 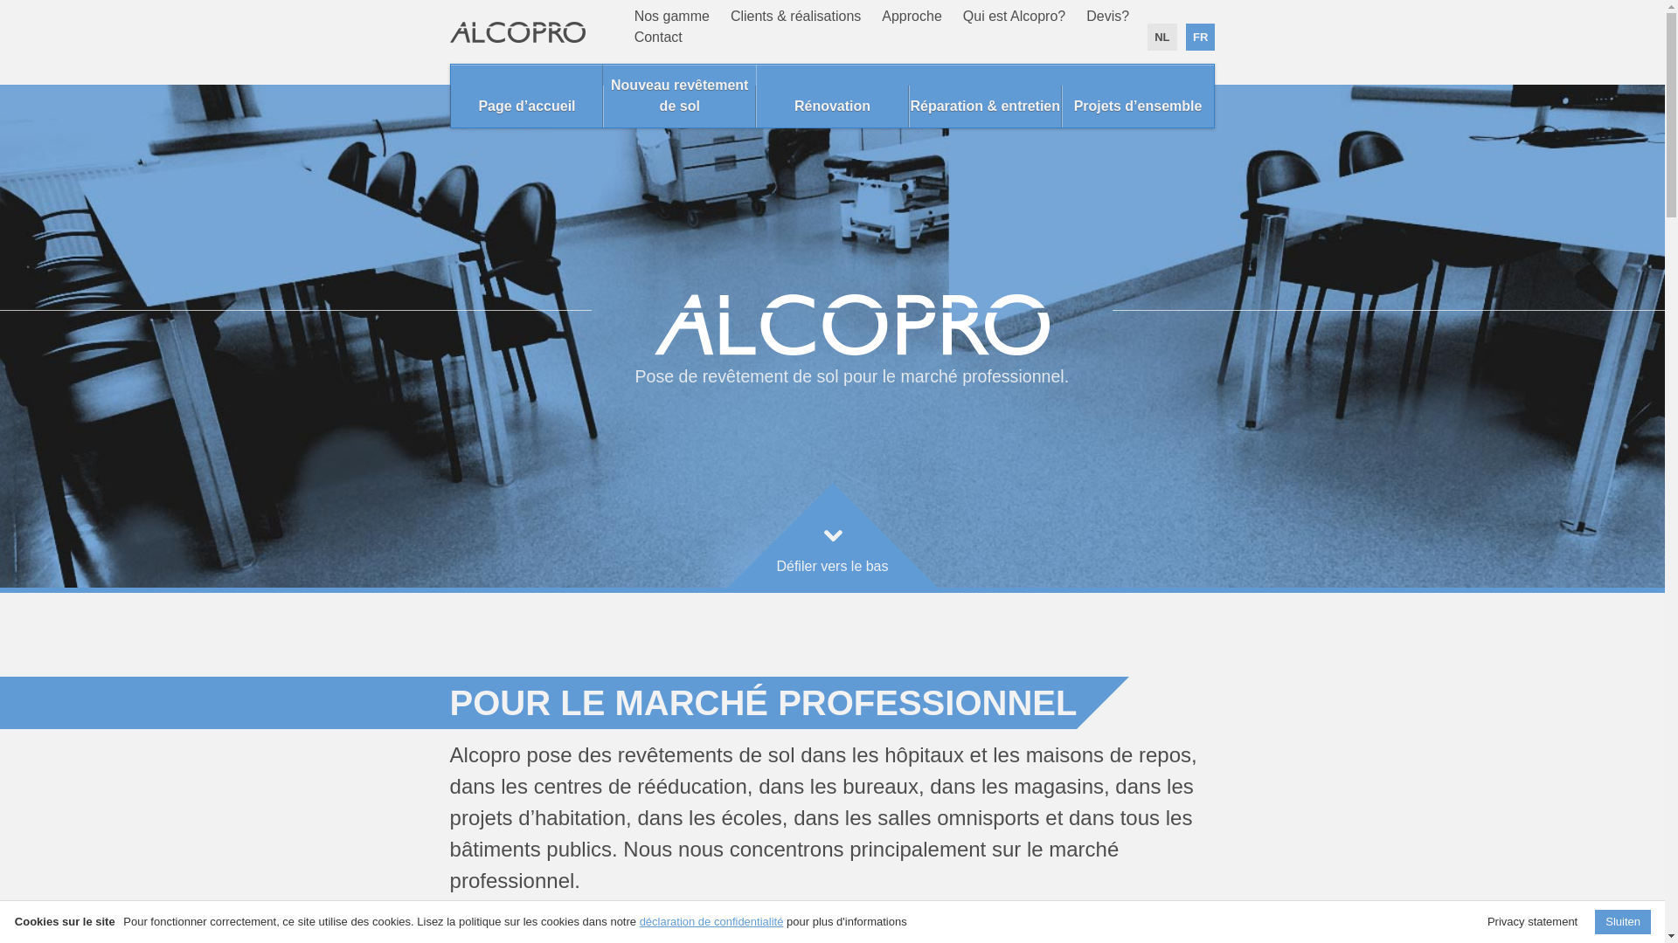 What do you see at coordinates (1106, 16) in the screenshot?
I see `'Devis?'` at bounding box center [1106, 16].